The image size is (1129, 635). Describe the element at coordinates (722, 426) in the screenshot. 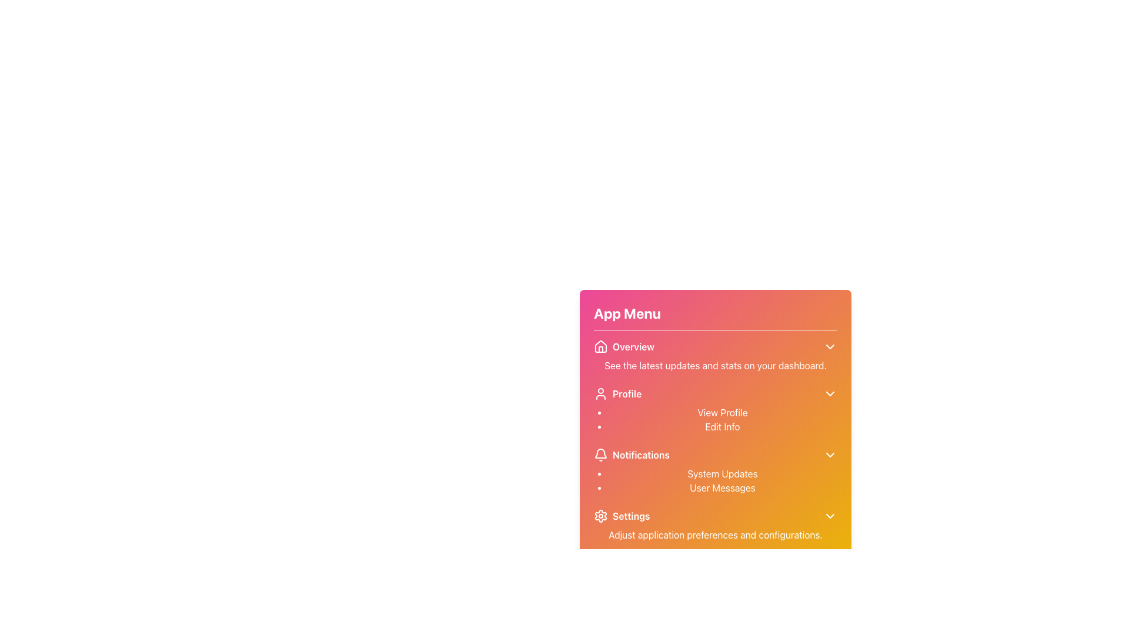

I see `the 'Edit Info' menu item, which is a text label under the 'Profile' section in the menu panel` at that location.